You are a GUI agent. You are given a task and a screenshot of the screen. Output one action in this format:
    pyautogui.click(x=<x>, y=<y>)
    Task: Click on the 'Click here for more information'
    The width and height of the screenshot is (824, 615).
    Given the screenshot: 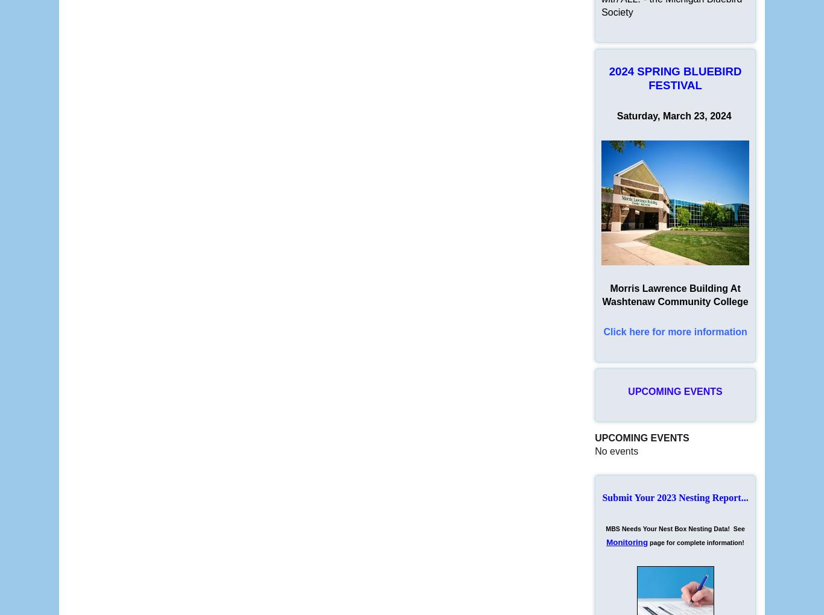 What is the action you would take?
    pyautogui.click(x=674, y=331)
    